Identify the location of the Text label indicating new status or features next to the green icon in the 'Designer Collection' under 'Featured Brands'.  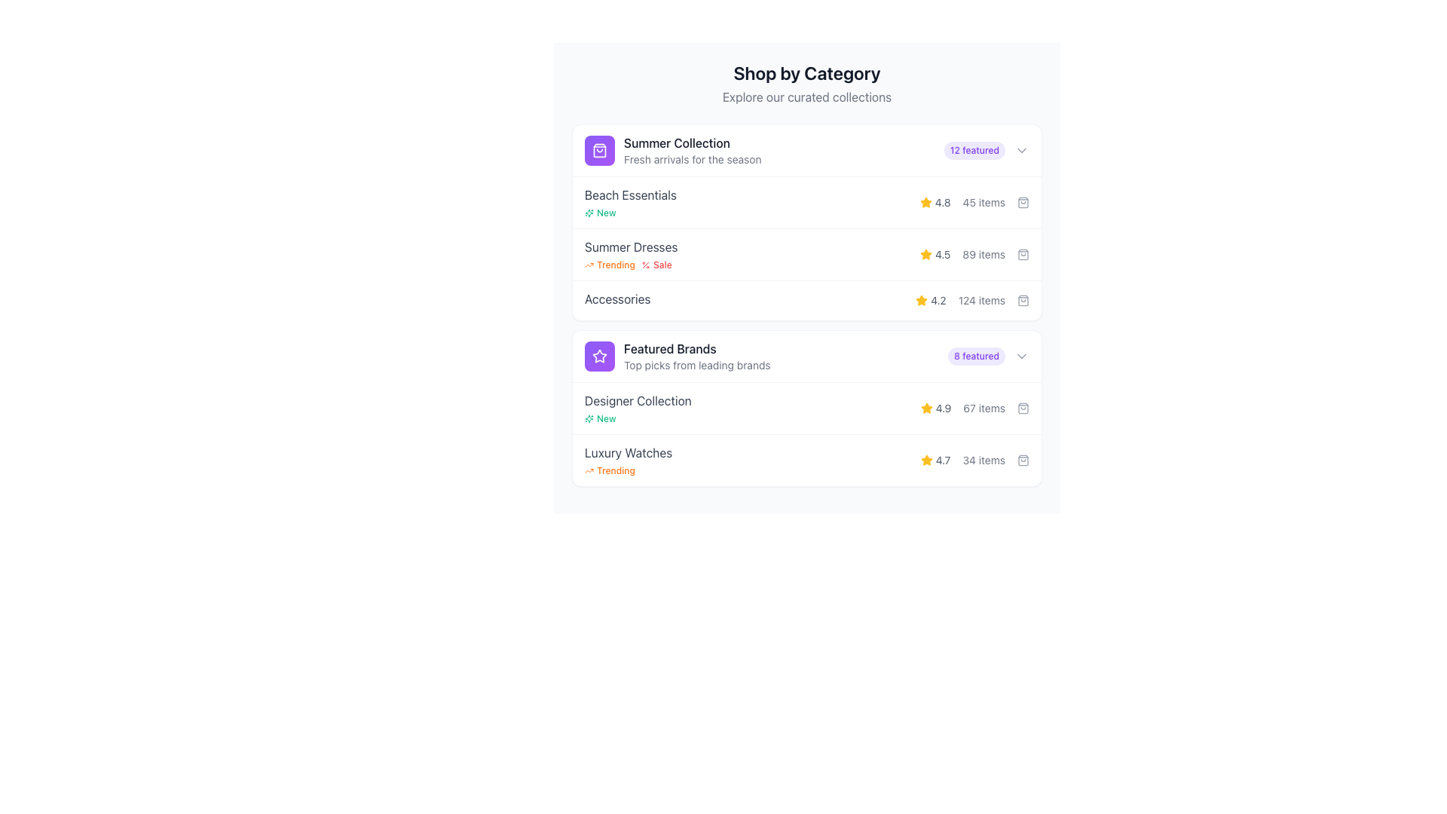
(606, 418).